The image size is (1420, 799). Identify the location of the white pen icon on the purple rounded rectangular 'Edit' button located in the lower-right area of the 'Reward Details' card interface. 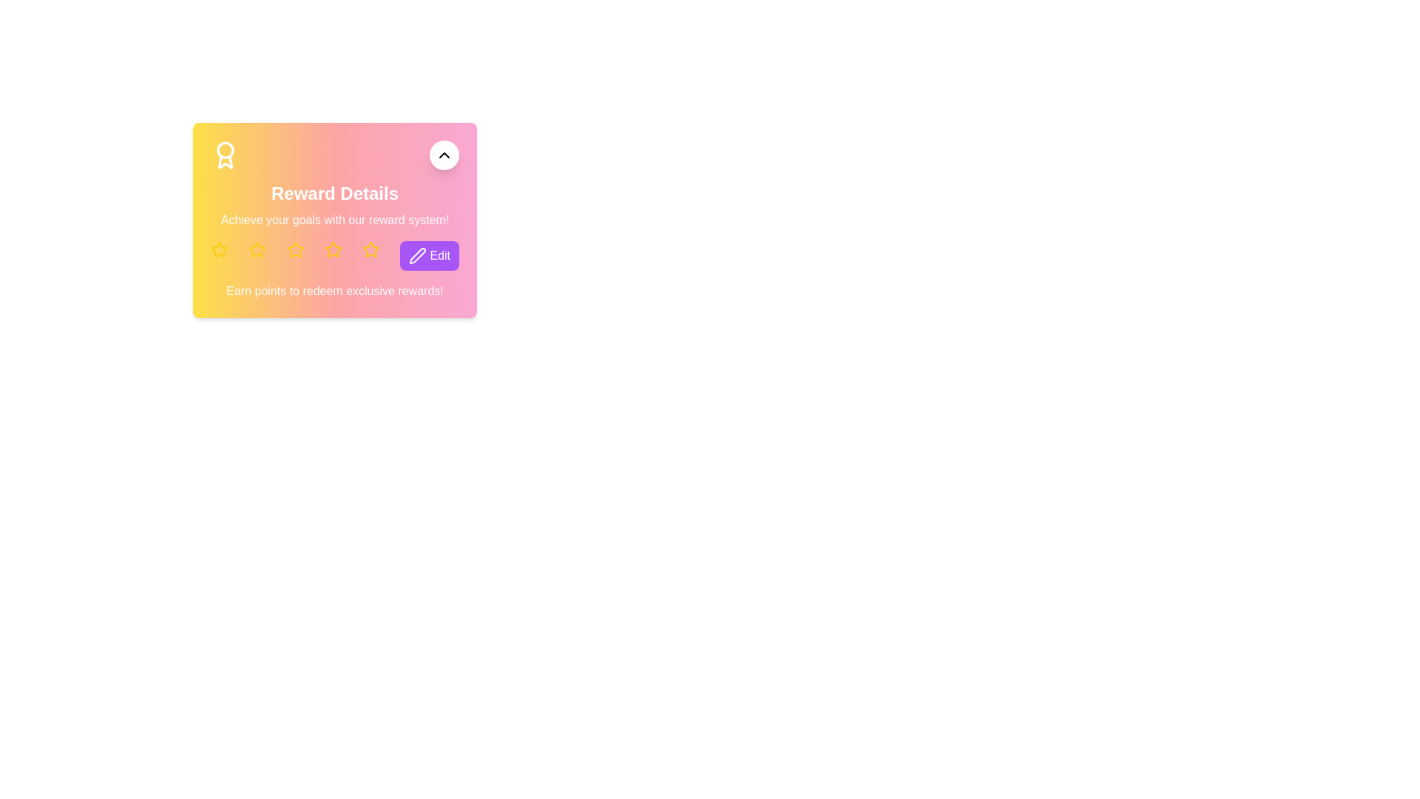
(417, 255).